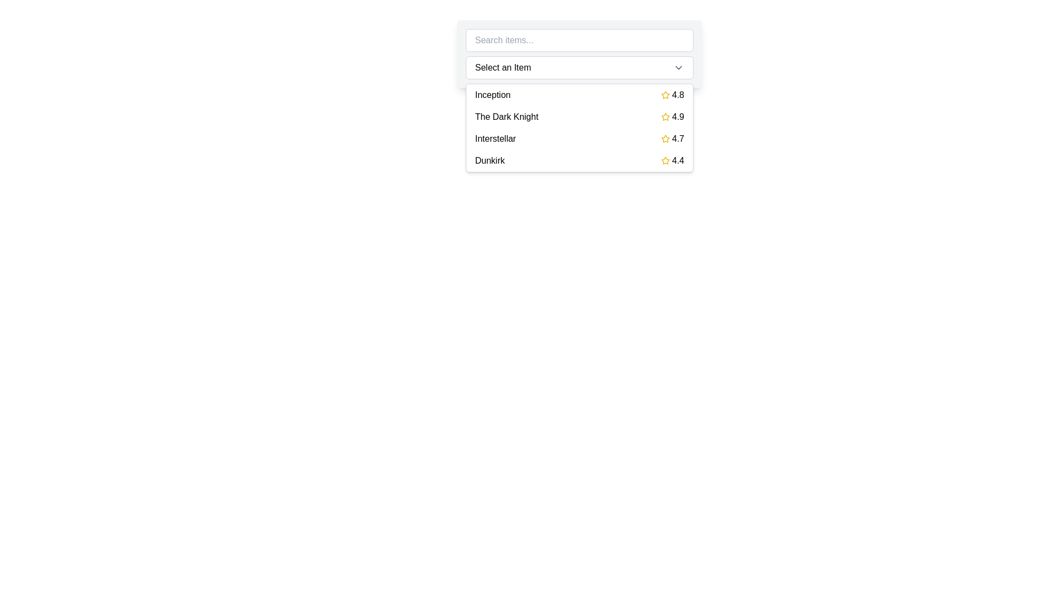 The height and width of the screenshot is (591, 1051). Describe the element at coordinates (579, 117) in the screenshot. I see `the second list item in the dropdown menu` at that location.